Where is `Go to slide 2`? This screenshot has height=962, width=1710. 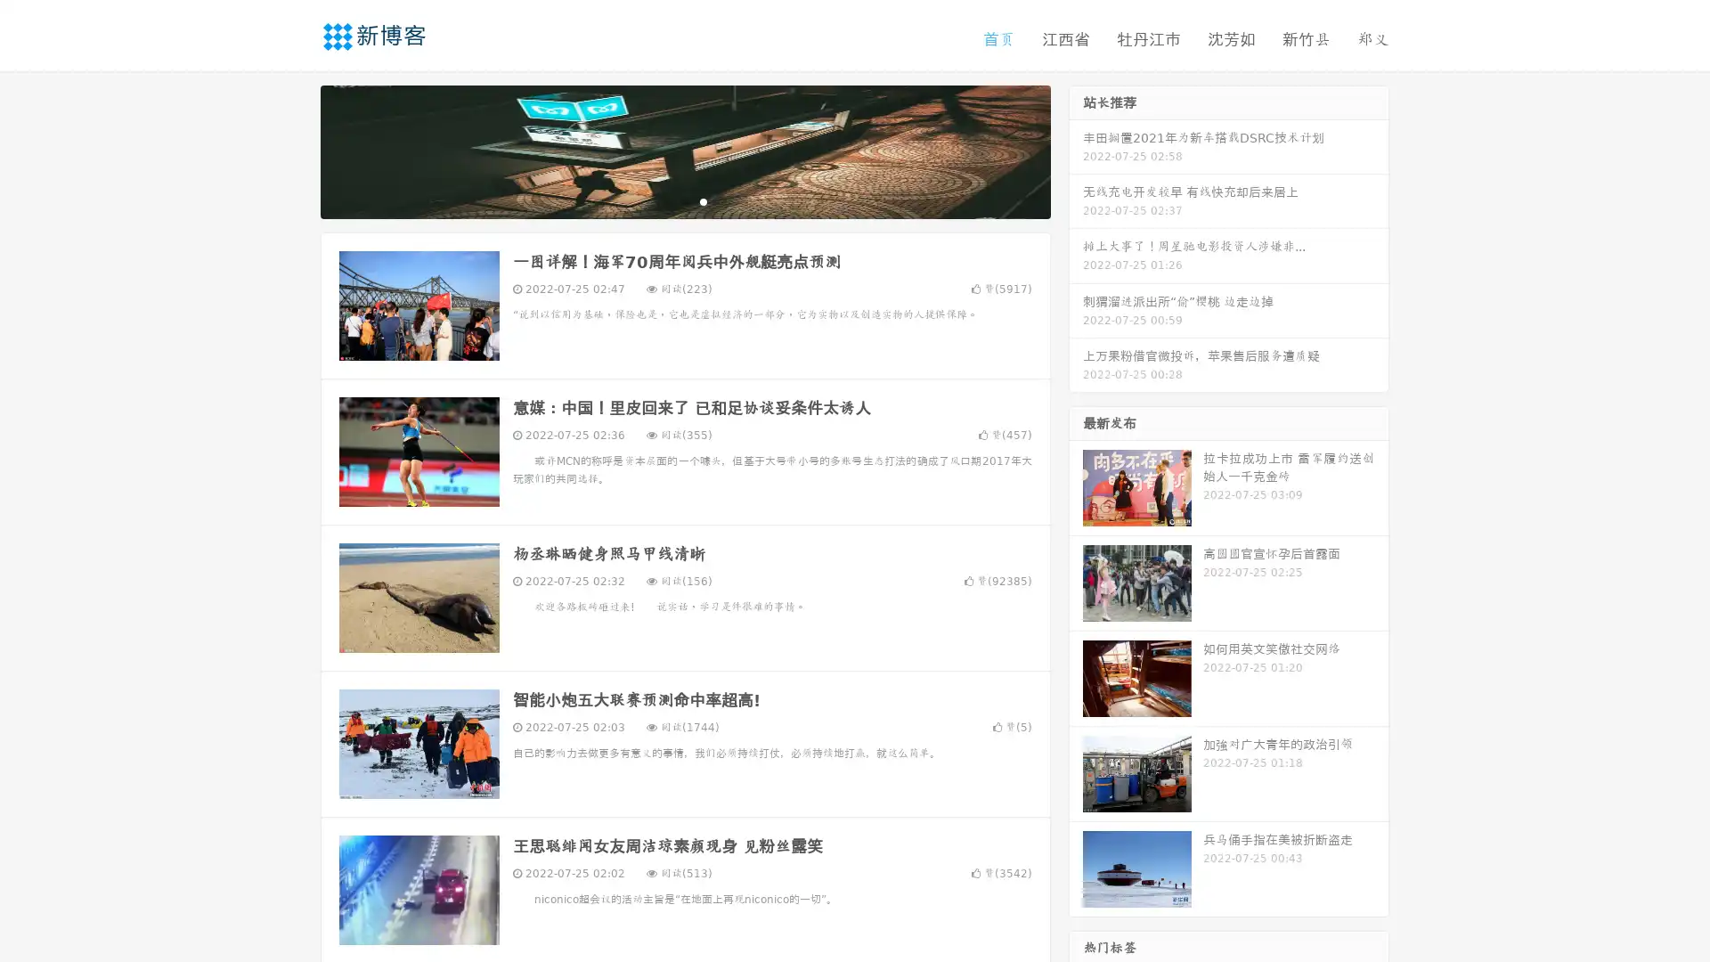 Go to slide 2 is located at coordinates (684, 200).